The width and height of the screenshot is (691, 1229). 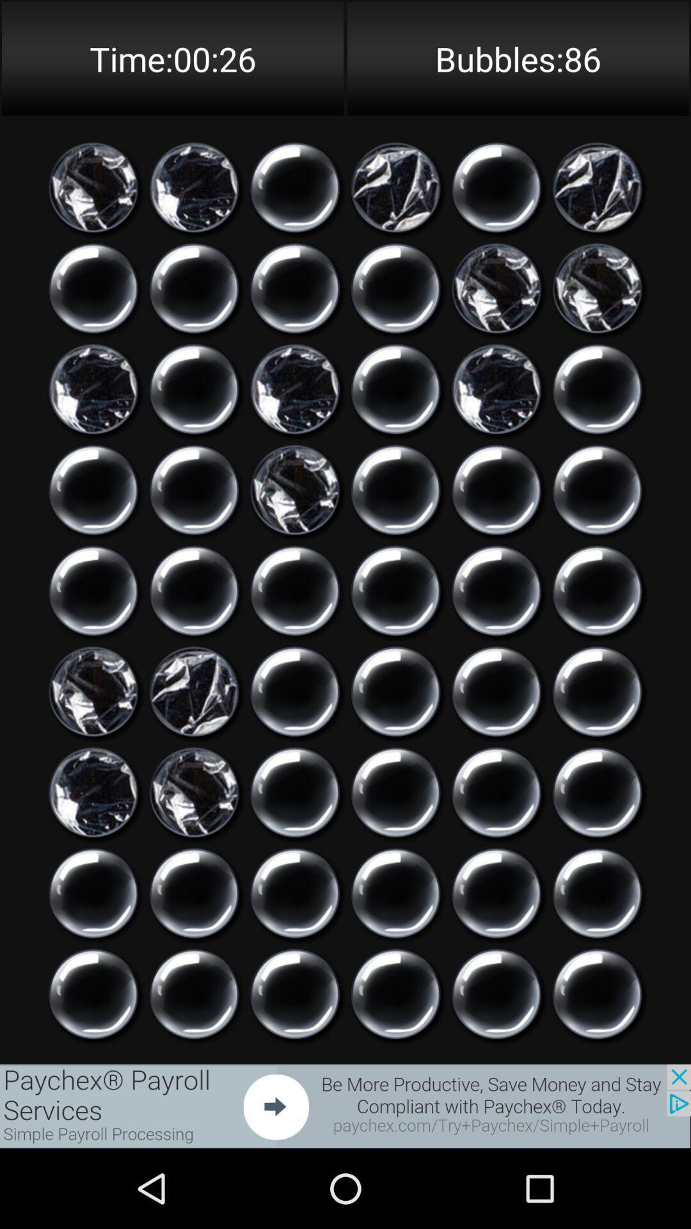 I want to click on option, so click(x=395, y=892).